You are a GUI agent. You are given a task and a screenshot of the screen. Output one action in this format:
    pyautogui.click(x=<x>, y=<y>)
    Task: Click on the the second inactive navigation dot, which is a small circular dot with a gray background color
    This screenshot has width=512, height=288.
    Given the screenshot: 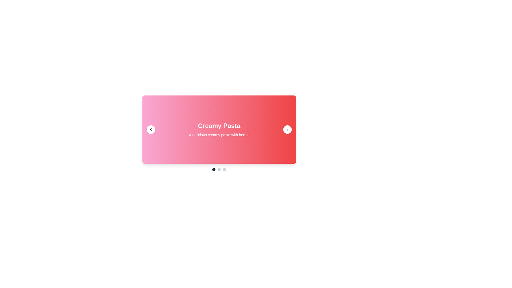 What is the action you would take?
    pyautogui.click(x=219, y=170)
    